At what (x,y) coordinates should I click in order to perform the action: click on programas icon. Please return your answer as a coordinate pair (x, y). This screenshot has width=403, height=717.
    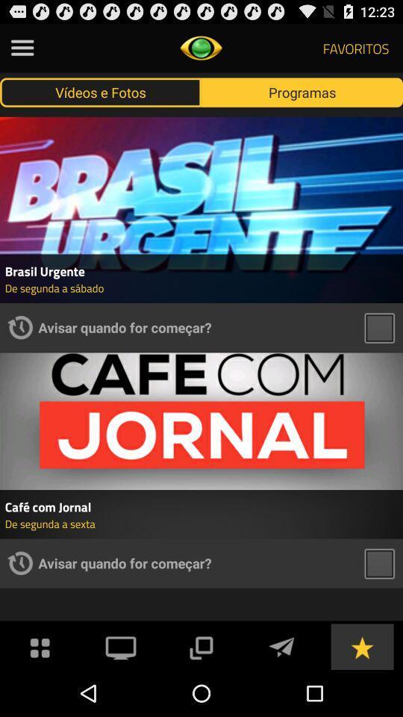
    Looking at the image, I should click on (302, 91).